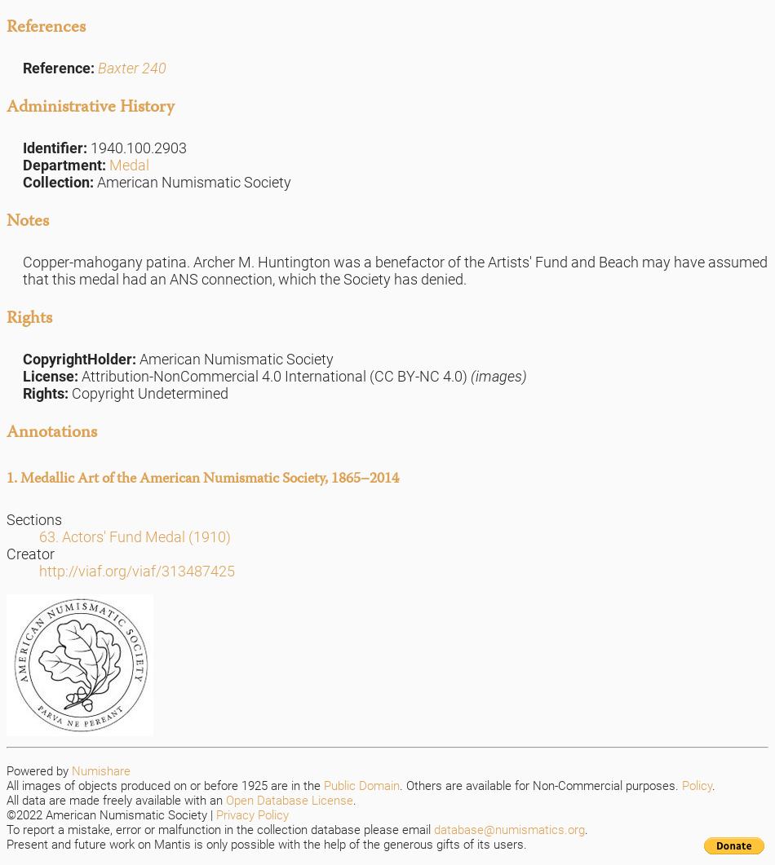 The height and width of the screenshot is (865, 775). I want to click on '©2022 American Numismatic Society |', so click(6, 814).